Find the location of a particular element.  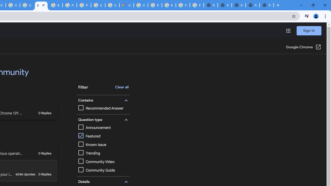

'Featured' is located at coordinates (89, 136).